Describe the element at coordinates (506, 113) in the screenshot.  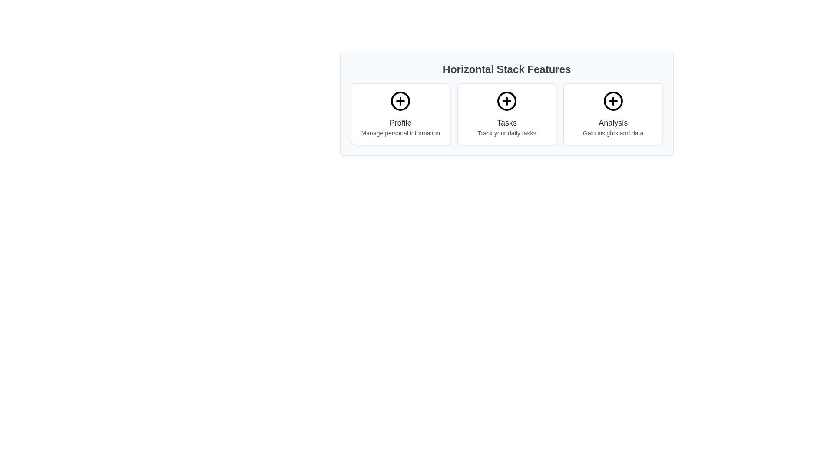
I see `the second informational card in the horizontal stack labeled 'Horizontal Stack Features', which contains a teal plus icon at the top and the title 'Tasks' below it` at that location.